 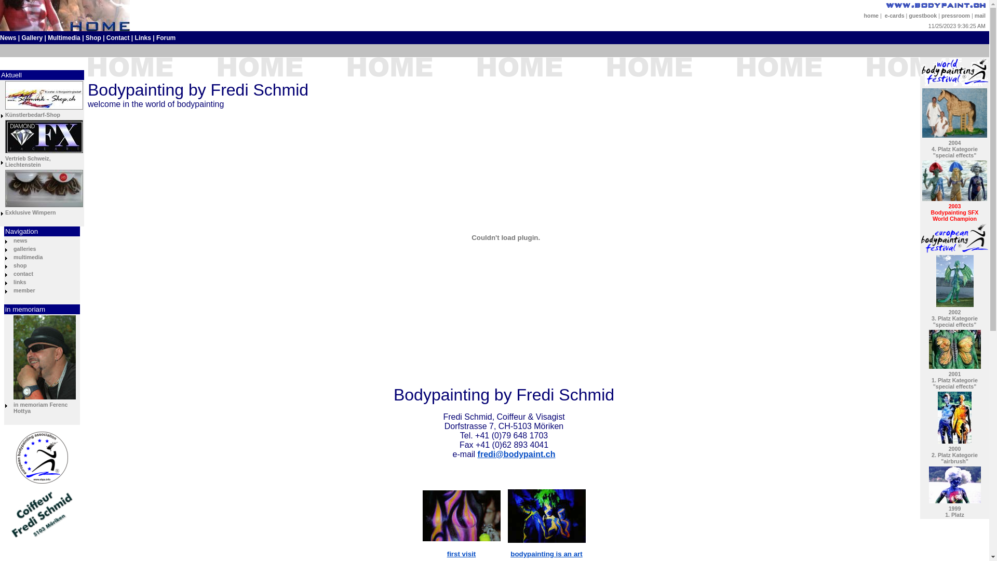 I want to click on 'Vertrieb Schweiz, Liechtenstein', so click(x=28, y=162).